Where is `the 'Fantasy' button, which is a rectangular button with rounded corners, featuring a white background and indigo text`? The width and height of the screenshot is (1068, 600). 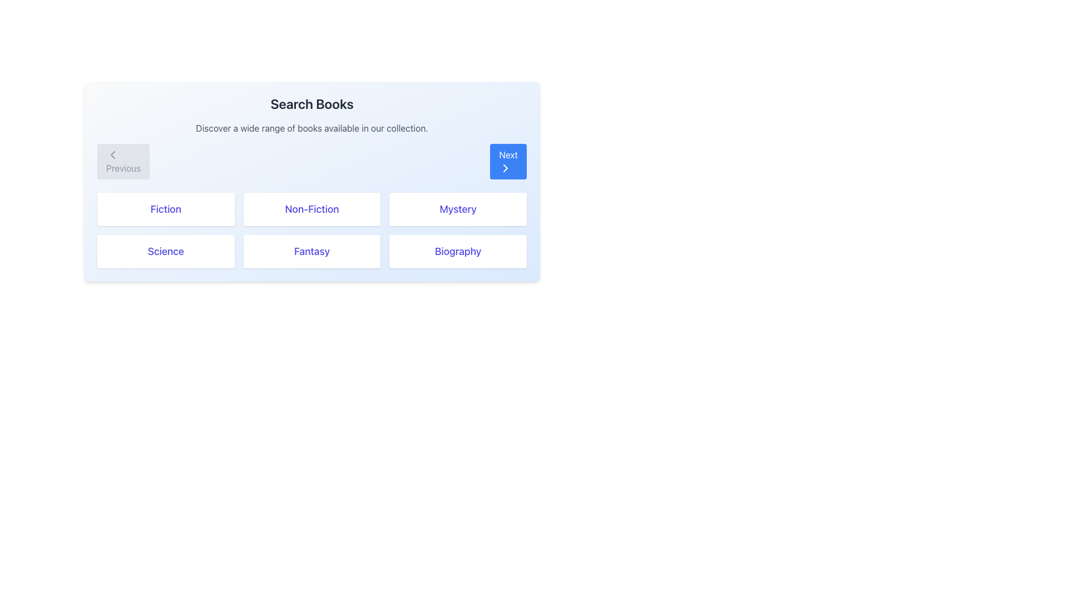 the 'Fantasy' button, which is a rectangular button with rounded corners, featuring a white background and indigo text is located at coordinates (311, 251).